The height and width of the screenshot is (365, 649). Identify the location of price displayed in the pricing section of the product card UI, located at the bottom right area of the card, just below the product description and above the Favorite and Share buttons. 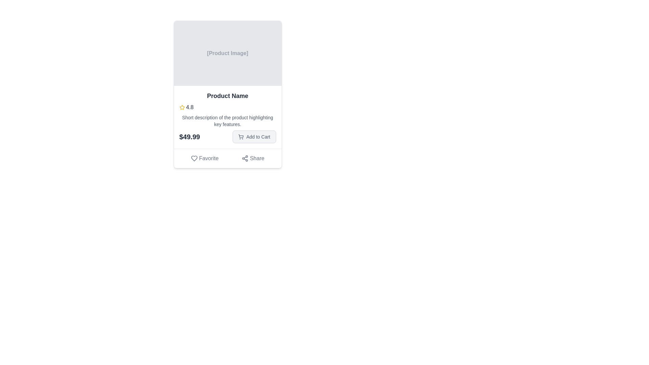
(227, 137).